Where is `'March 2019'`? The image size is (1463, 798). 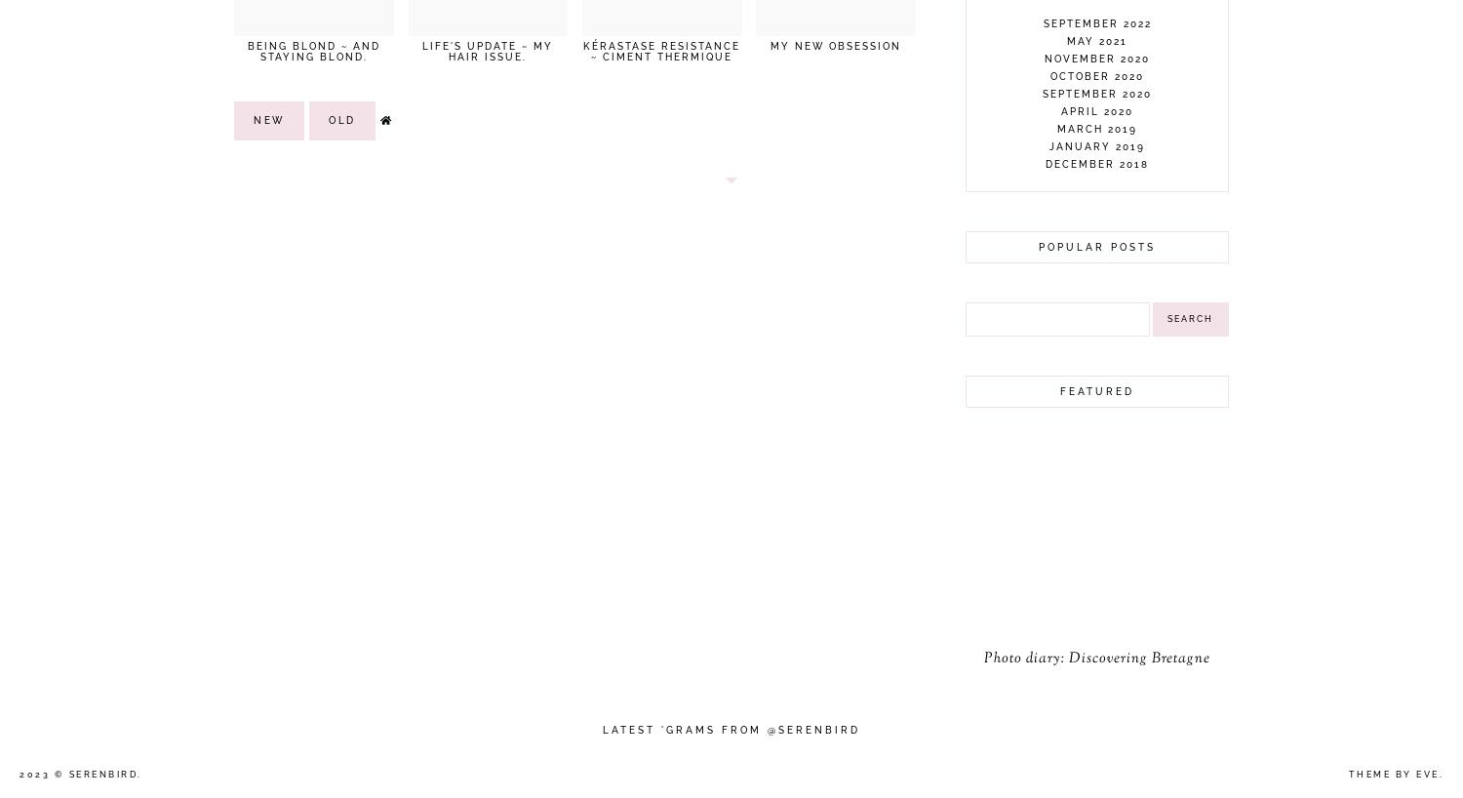
'March 2019' is located at coordinates (1056, 128).